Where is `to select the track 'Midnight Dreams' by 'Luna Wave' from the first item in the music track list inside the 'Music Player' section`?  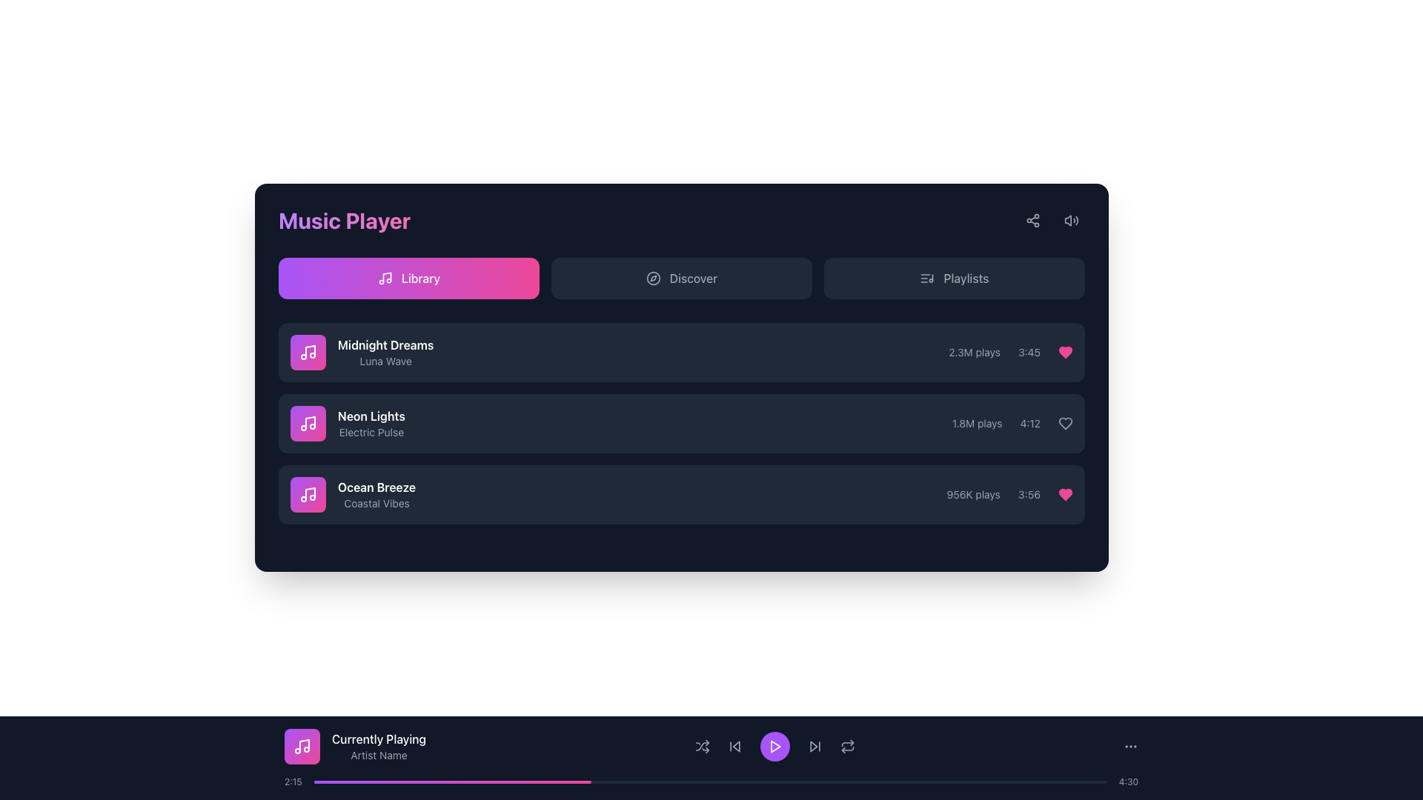 to select the track 'Midnight Dreams' by 'Luna Wave' from the first item in the music track list inside the 'Music Player' section is located at coordinates (362, 352).